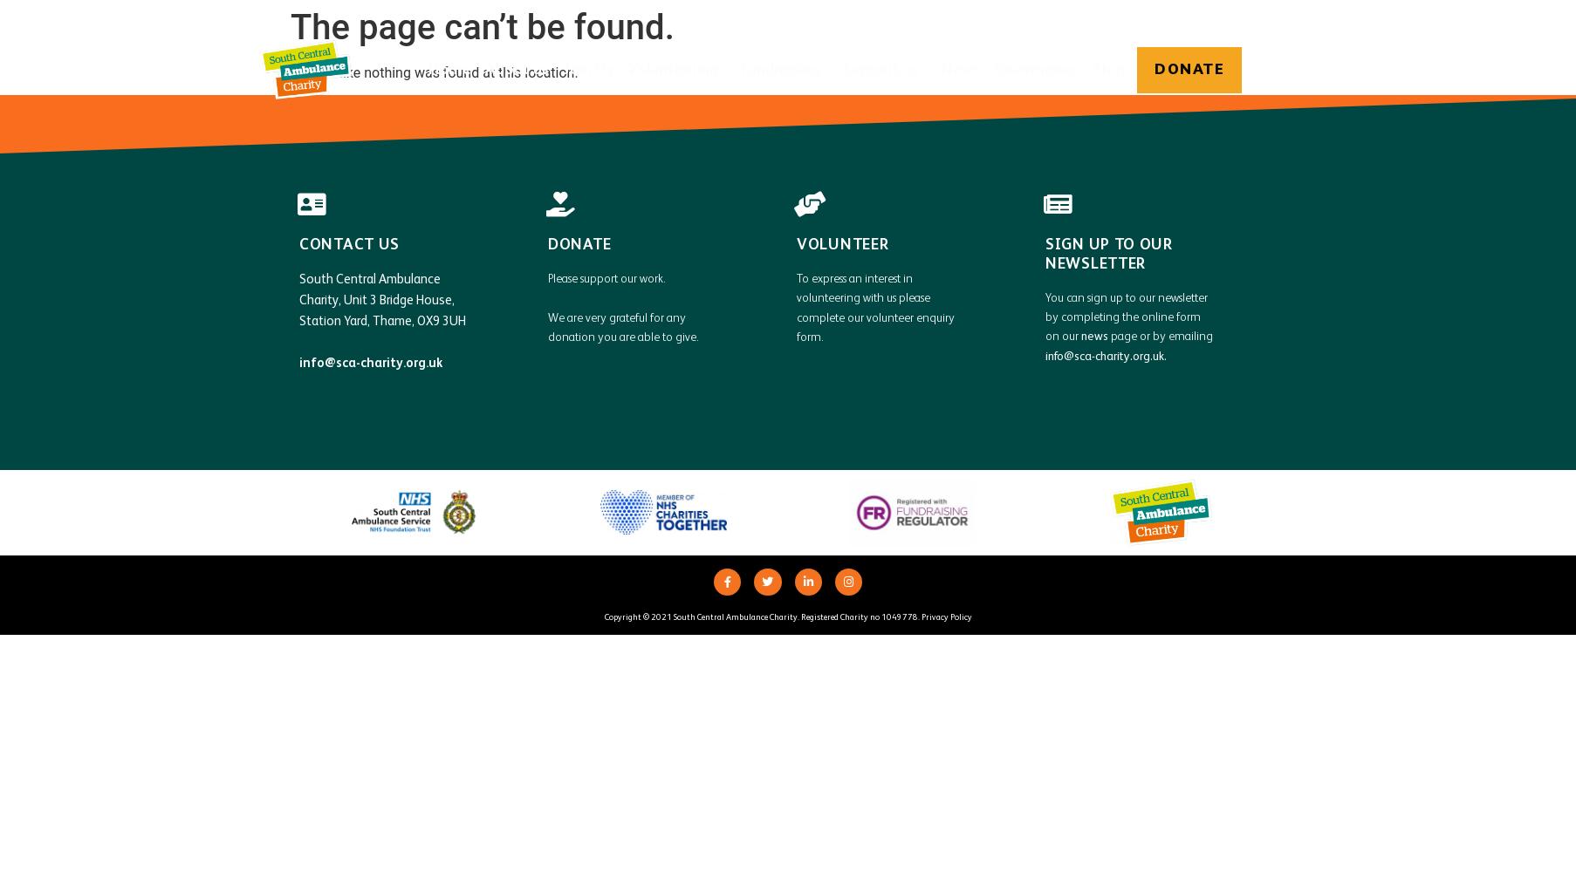  What do you see at coordinates (1126, 316) in the screenshot?
I see `'You can sign up to our newsletter by completing the online form on our'` at bounding box center [1126, 316].